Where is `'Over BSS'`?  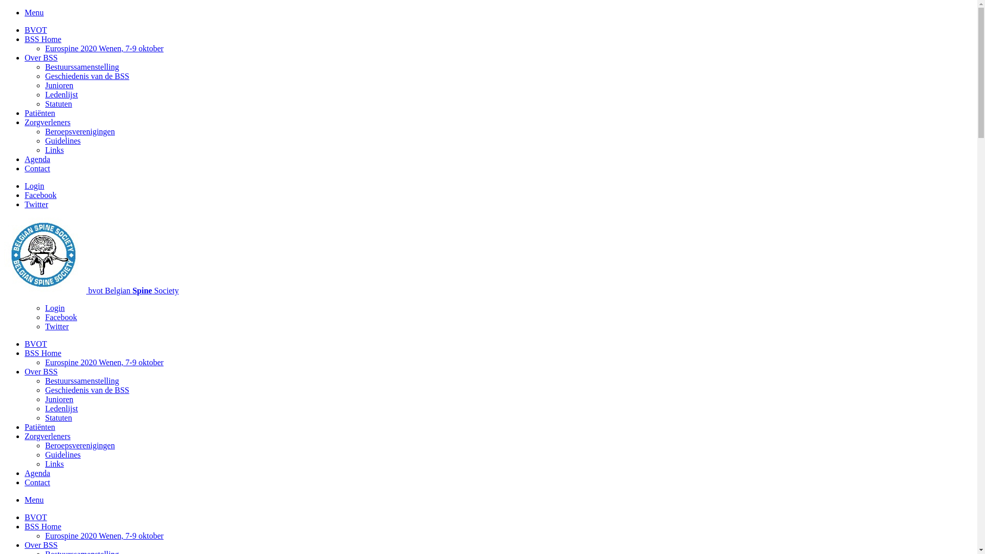 'Over BSS' is located at coordinates (41, 57).